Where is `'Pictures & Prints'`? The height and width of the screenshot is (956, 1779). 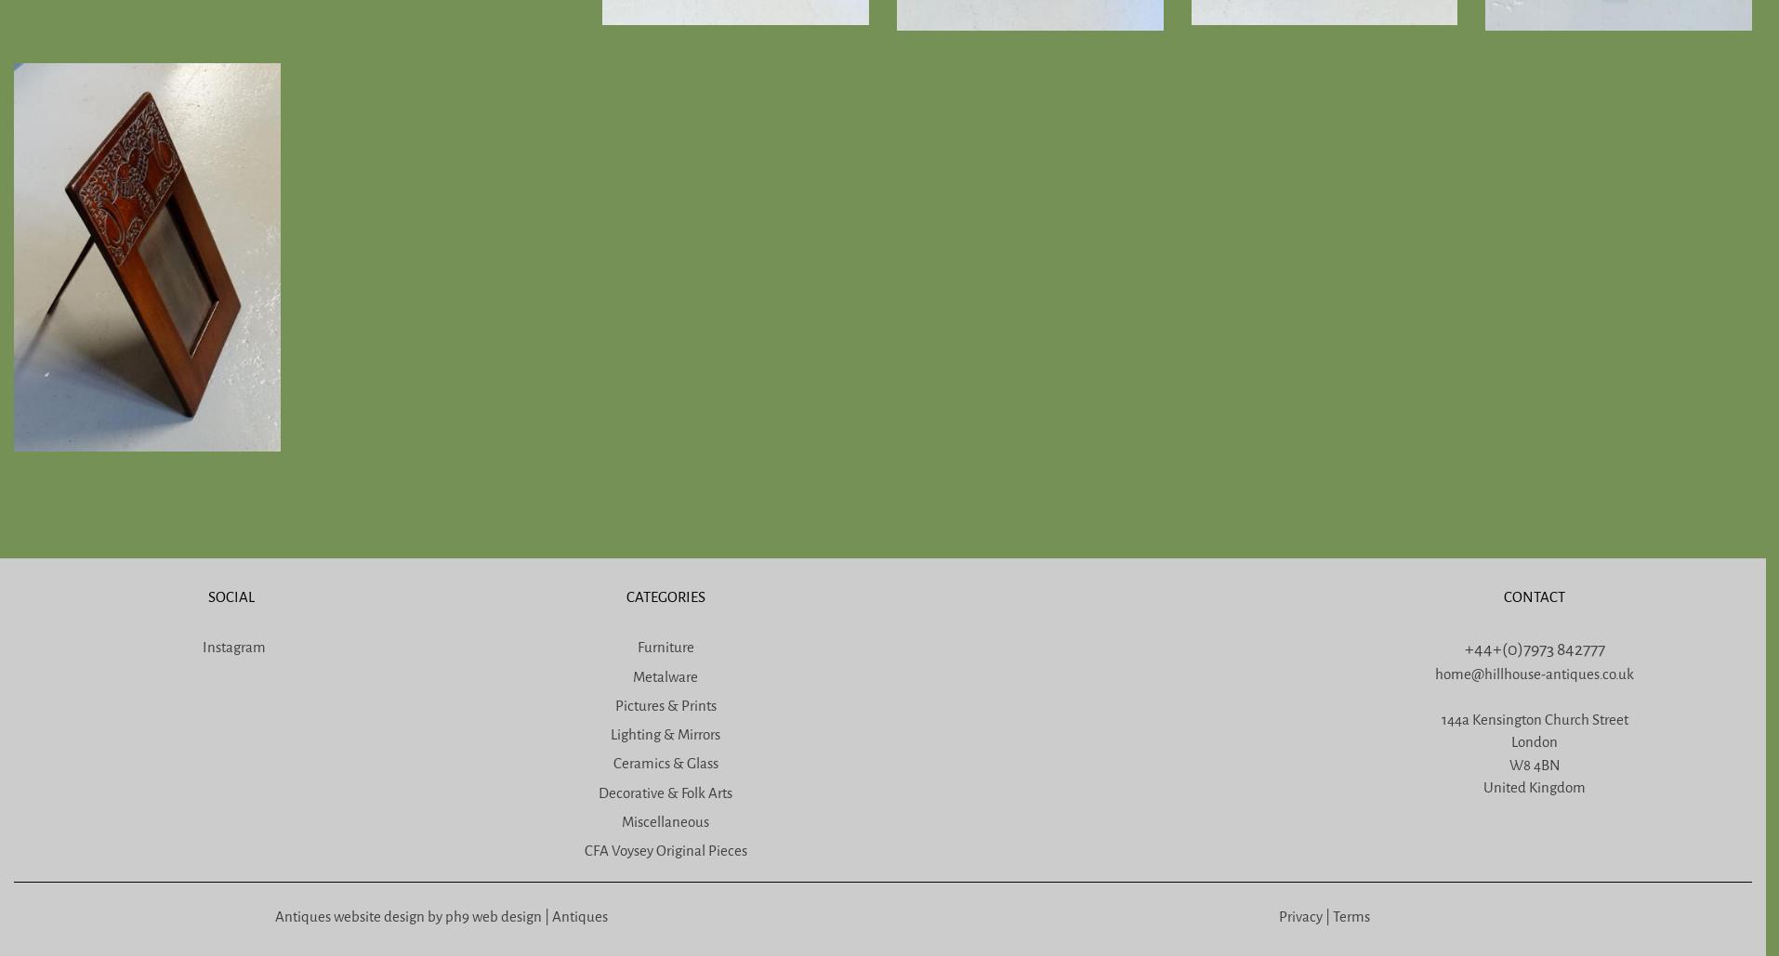 'Pictures & Prints' is located at coordinates (665, 704).